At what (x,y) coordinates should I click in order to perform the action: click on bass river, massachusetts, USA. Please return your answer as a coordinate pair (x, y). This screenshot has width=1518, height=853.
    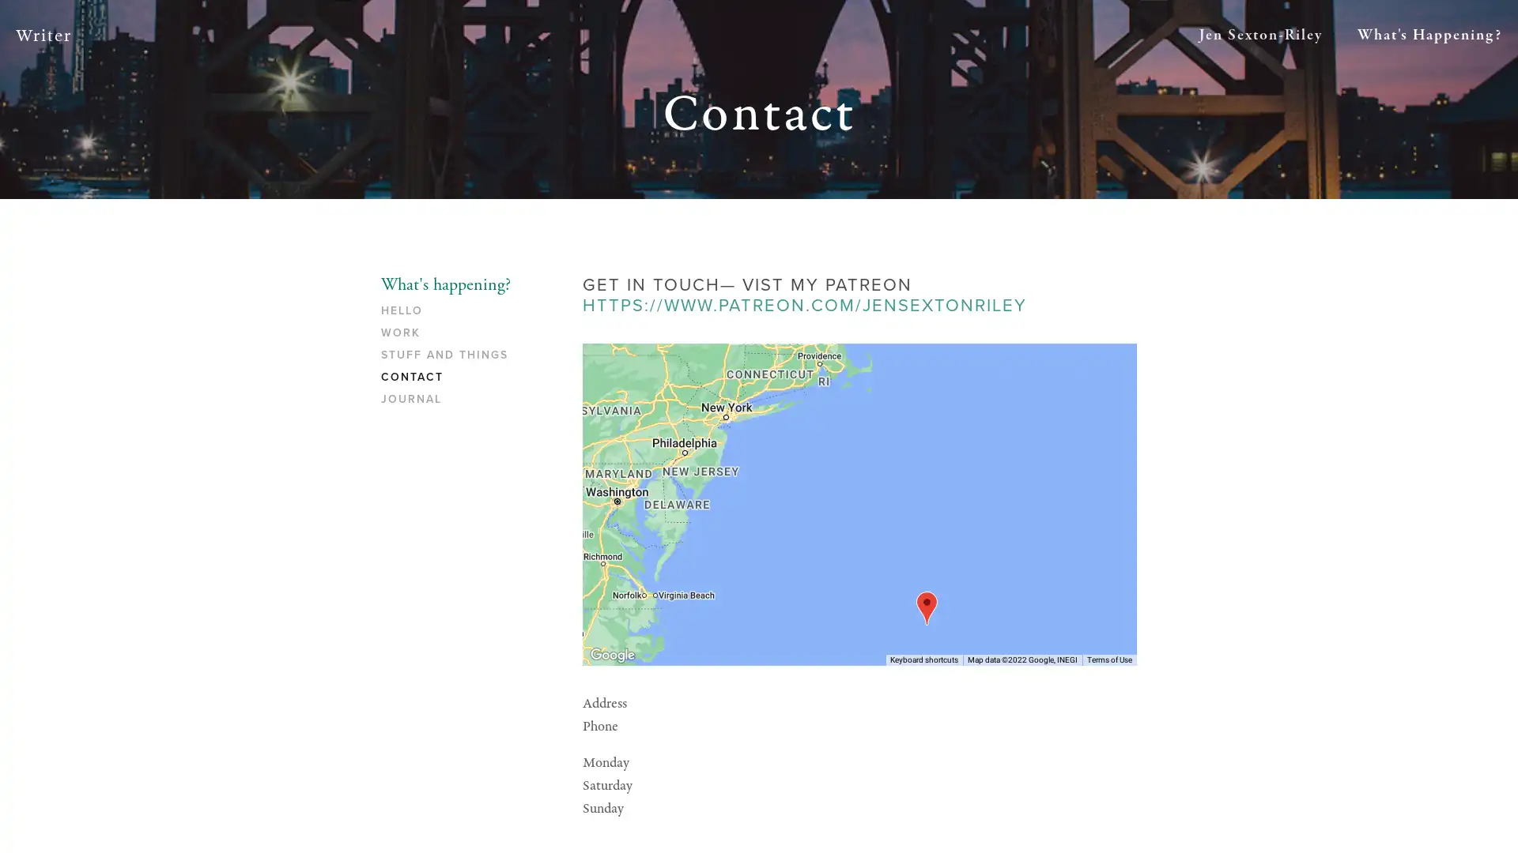
    Looking at the image, I should click on (926, 607).